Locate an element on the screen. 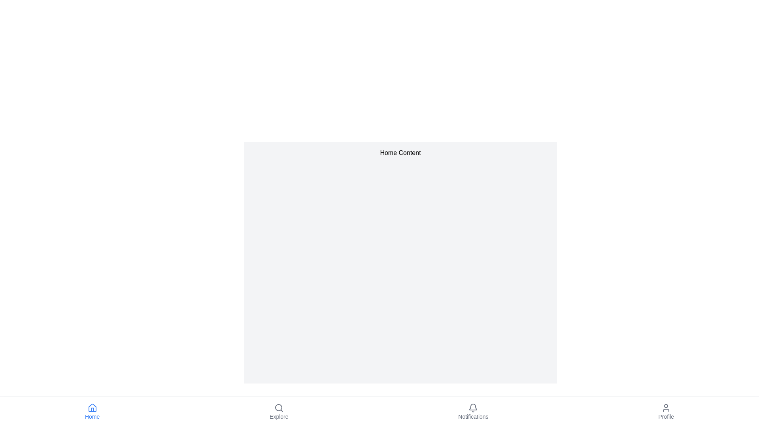 Image resolution: width=759 pixels, height=427 pixels. the blue house icon in the bottom navigation bar, which is the first icon from the left is located at coordinates (92, 408).